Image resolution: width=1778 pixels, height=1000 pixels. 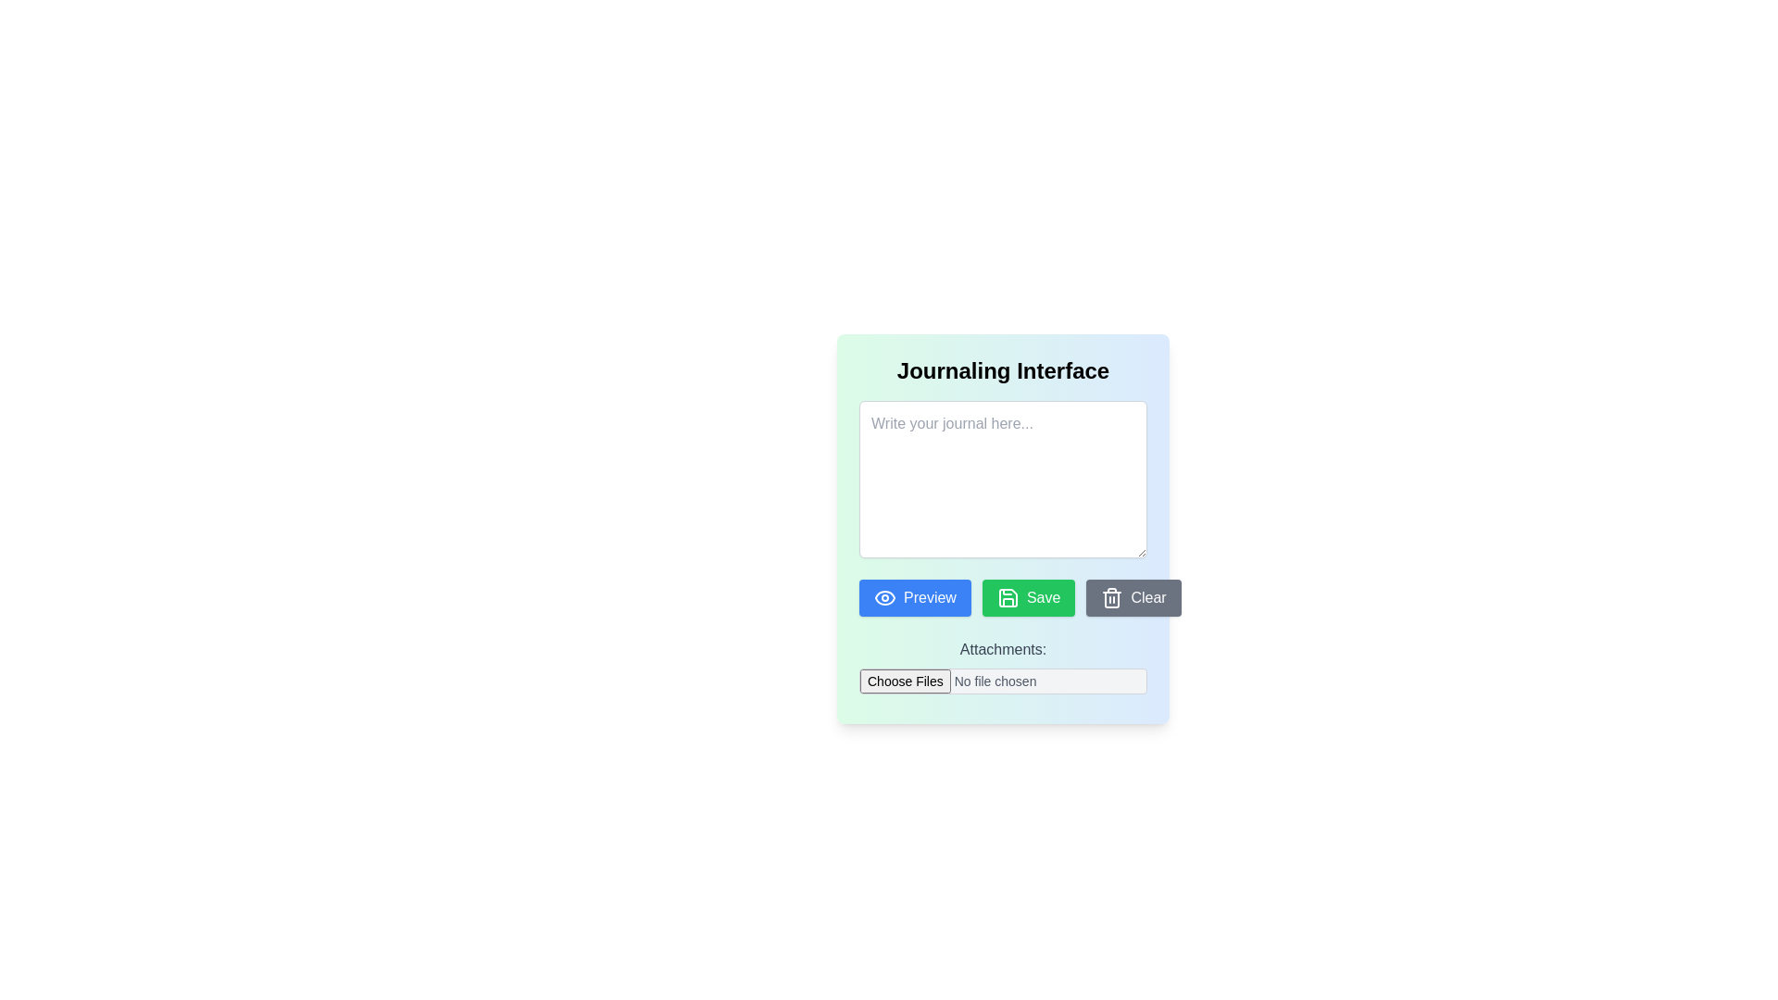 I want to click on the text label displaying 'Attachments:' which is styled in gray and positioned between the file upload button and actionable buttons, so click(x=1002, y=649).